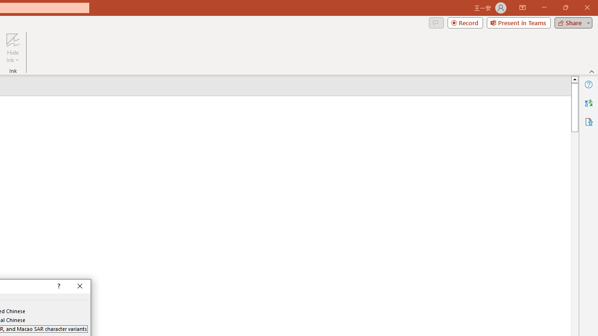  What do you see at coordinates (13, 48) in the screenshot?
I see `'Hide Ink'` at bounding box center [13, 48].